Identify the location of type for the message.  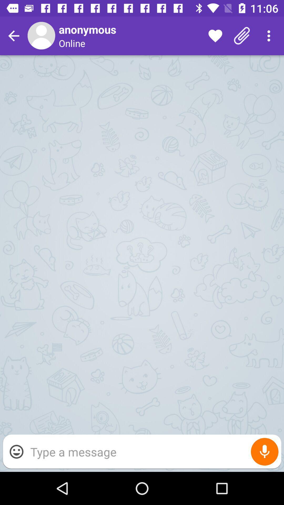
(153, 451).